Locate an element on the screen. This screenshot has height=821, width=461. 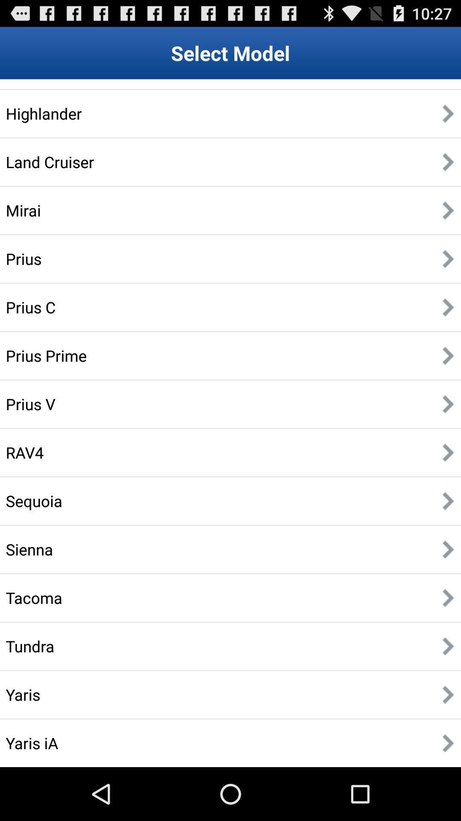
the item above sienna item is located at coordinates (33, 501).